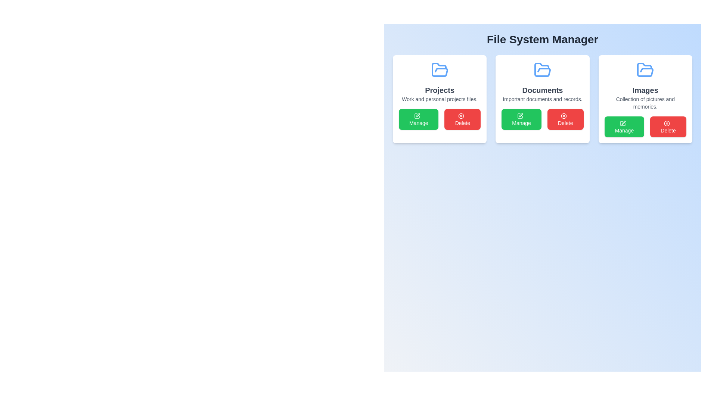 This screenshot has height=403, width=717. What do you see at coordinates (440, 99) in the screenshot?
I see `the descriptive text label located within the 'Projects' section card, which is centrally aligned below the title 'Projects' and above the 'Manage' and 'Delete' buttons` at bounding box center [440, 99].